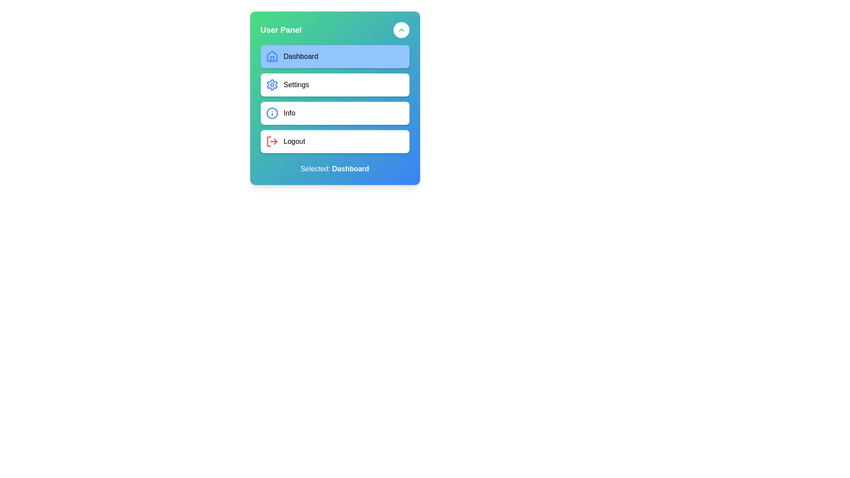 The image size is (850, 478). Describe the element at coordinates (350, 169) in the screenshot. I see `the bolded 'Dashboard' text label indicating the currently selected menu item in the 'Selected' section of the user panel` at that location.